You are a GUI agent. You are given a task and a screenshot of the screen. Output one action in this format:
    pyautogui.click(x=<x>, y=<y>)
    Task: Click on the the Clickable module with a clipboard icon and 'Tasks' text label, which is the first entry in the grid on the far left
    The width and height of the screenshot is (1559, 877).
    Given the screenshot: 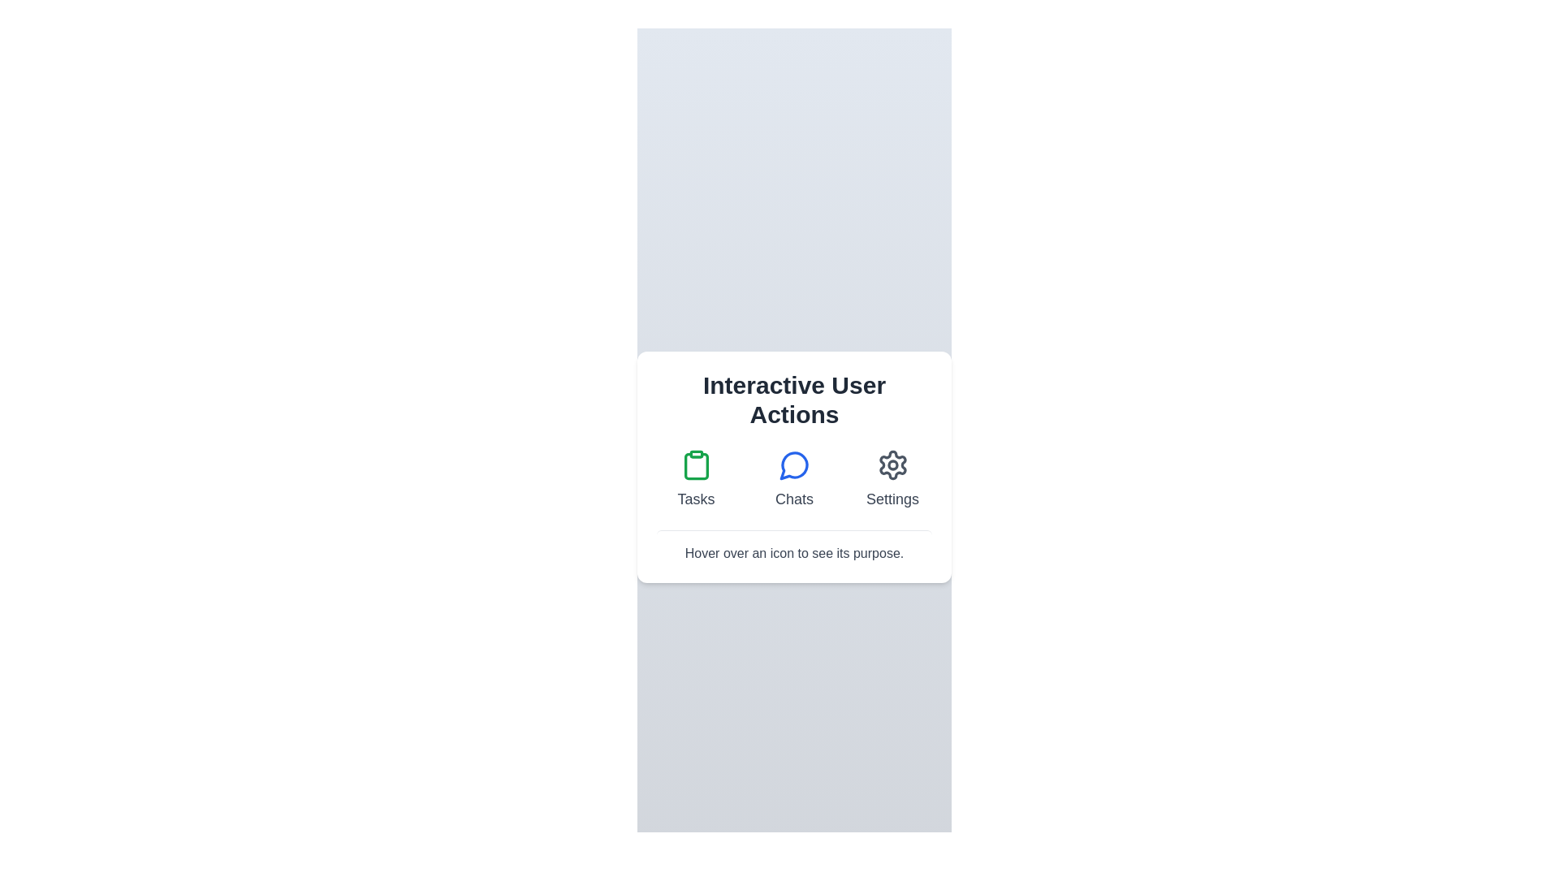 What is the action you would take?
    pyautogui.click(x=696, y=478)
    